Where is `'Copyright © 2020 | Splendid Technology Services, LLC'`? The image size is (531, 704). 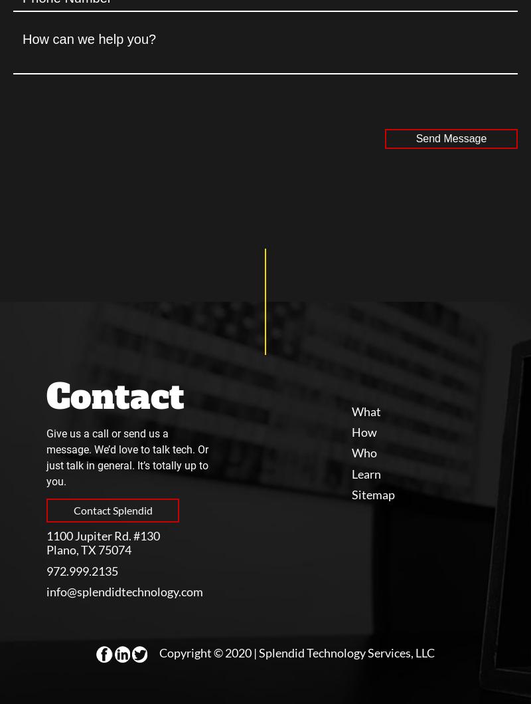 'Copyright © 2020 | Splendid Technology Services, LLC' is located at coordinates (159, 651).